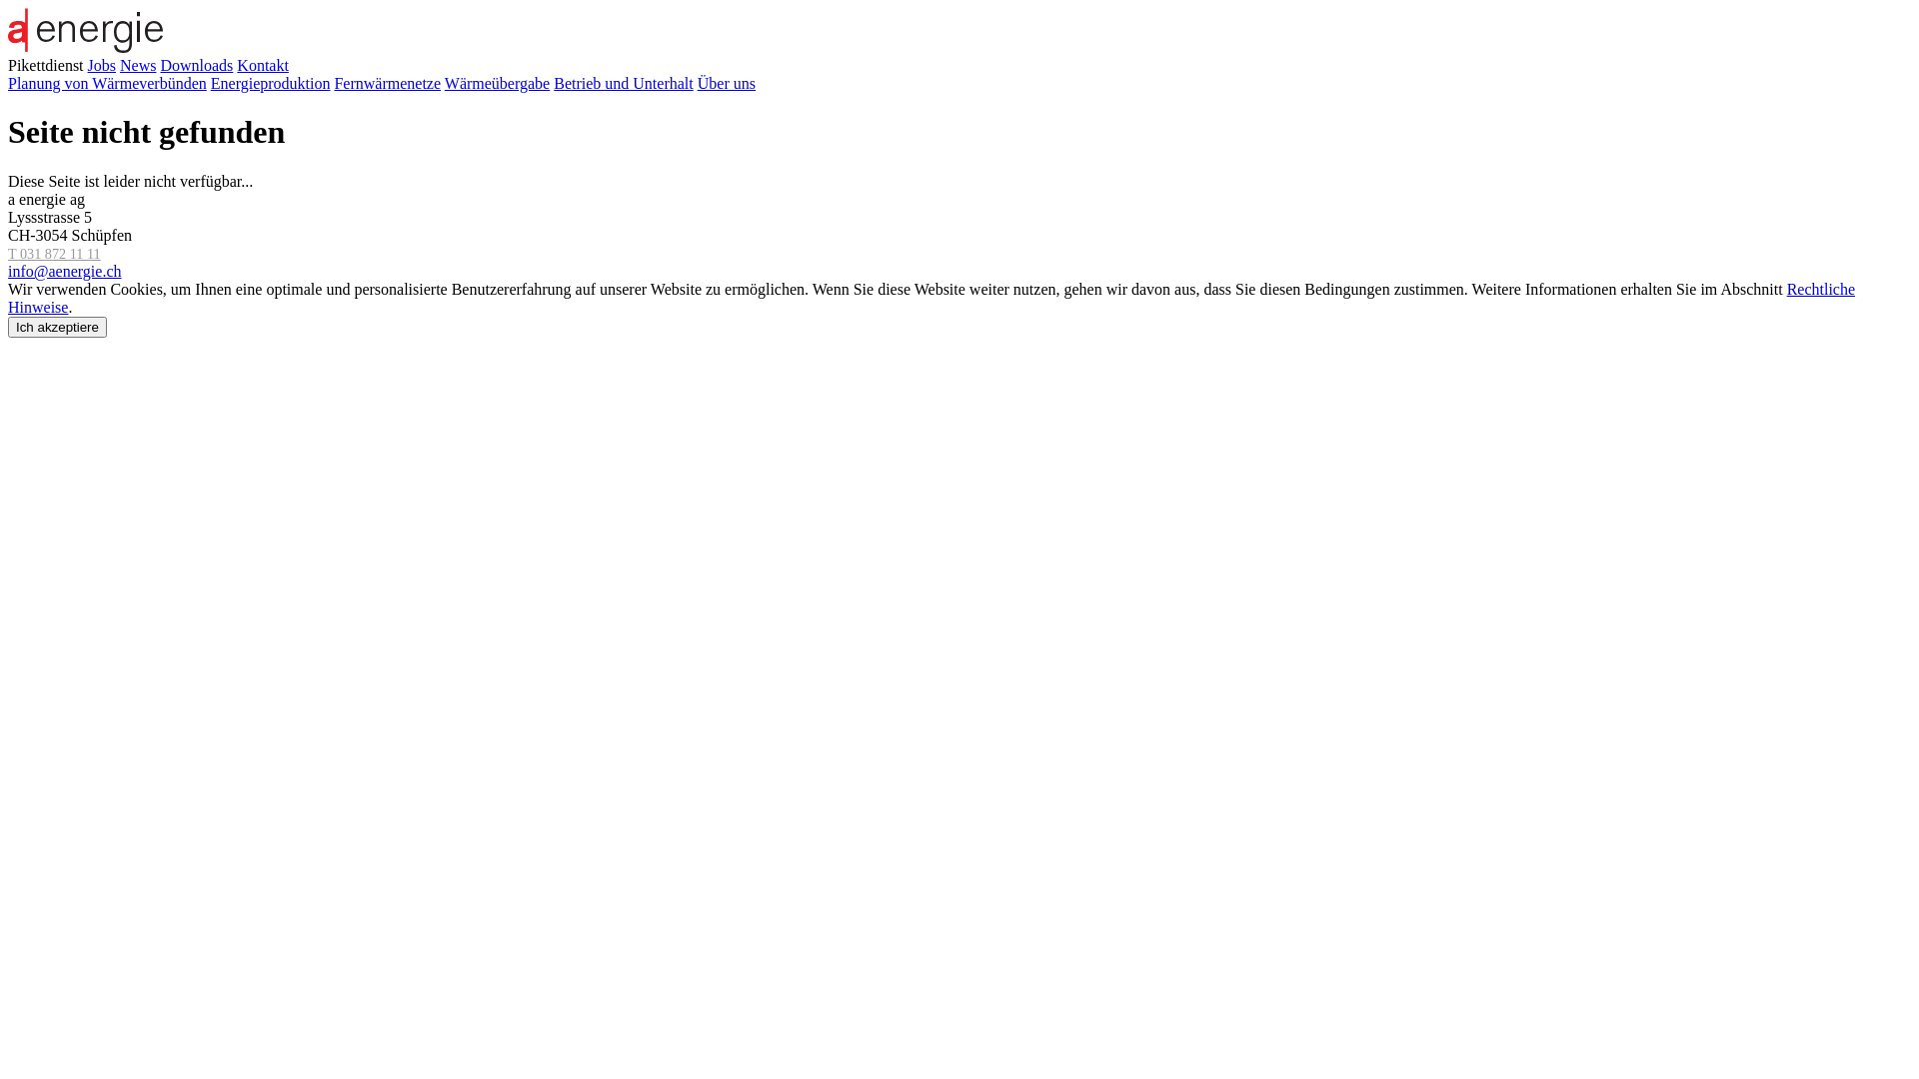 The height and width of the screenshot is (1079, 1919). Describe the element at coordinates (46, 64) in the screenshot. I see `'Pikettdienst'` at that location.